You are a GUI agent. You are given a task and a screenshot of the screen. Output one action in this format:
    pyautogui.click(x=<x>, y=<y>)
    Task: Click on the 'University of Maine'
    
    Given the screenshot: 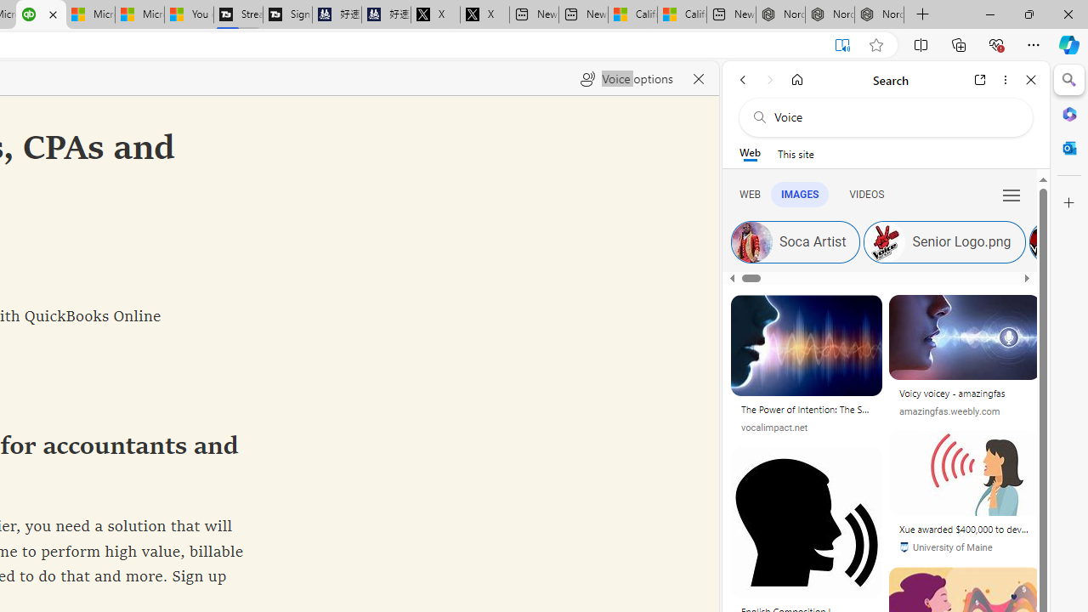 What is the action you would take?
    pyautogui.click(x=965, y=547)
    